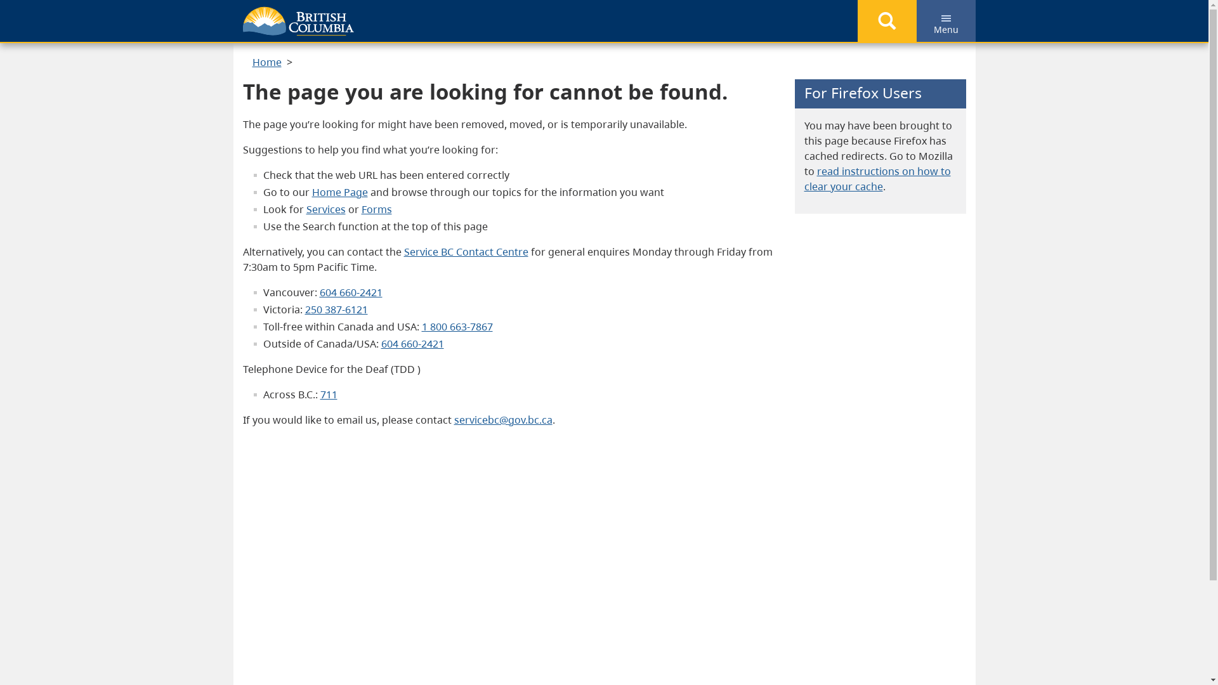 The height and width of the screenshot is (685, 1218). Describe the element at coordinates (242, 21) in the screenshot. I see `'Government of B.C.'` at that location.